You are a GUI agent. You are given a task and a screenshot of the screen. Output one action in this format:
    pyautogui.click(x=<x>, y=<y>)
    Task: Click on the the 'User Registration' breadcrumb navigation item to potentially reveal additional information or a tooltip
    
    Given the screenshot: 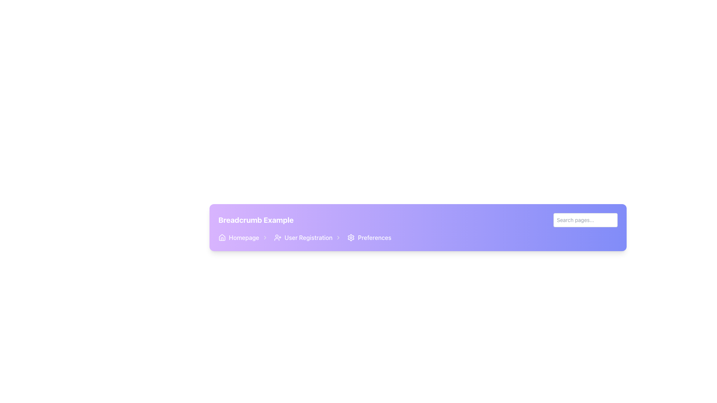 What is the action you would take?
    pyautogui.click(x=308, y=237)
    